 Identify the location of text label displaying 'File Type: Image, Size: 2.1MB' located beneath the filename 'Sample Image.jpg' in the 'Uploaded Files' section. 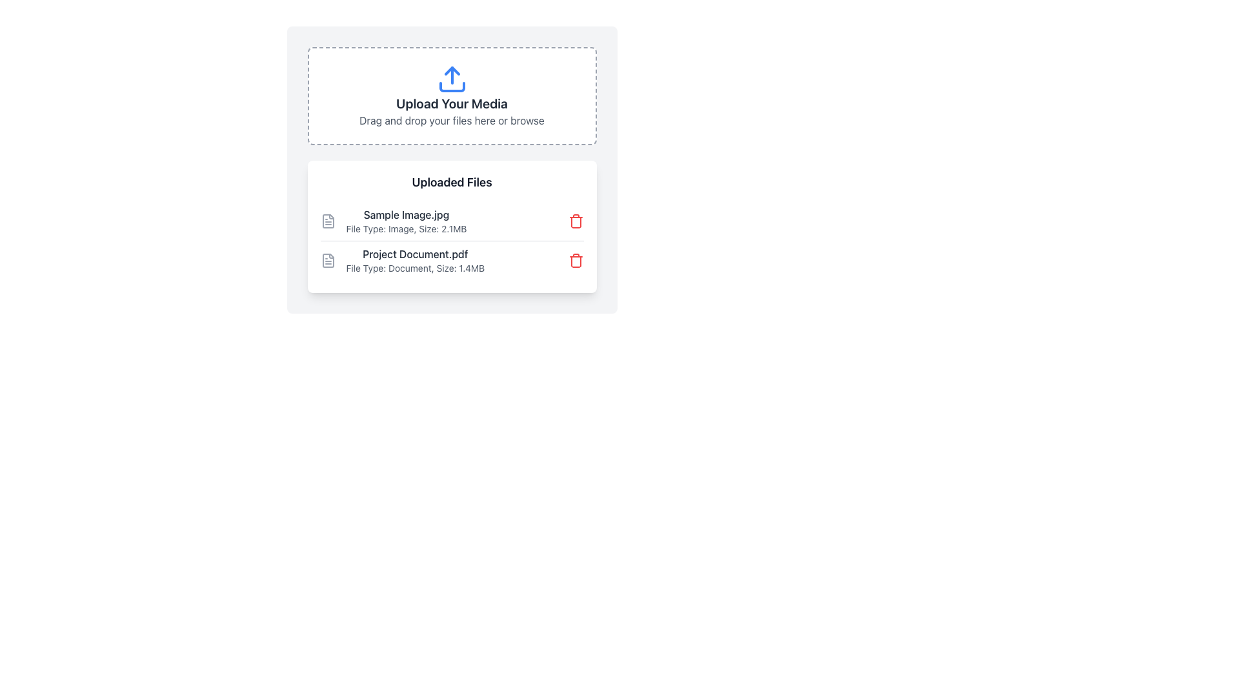
(405, 228).